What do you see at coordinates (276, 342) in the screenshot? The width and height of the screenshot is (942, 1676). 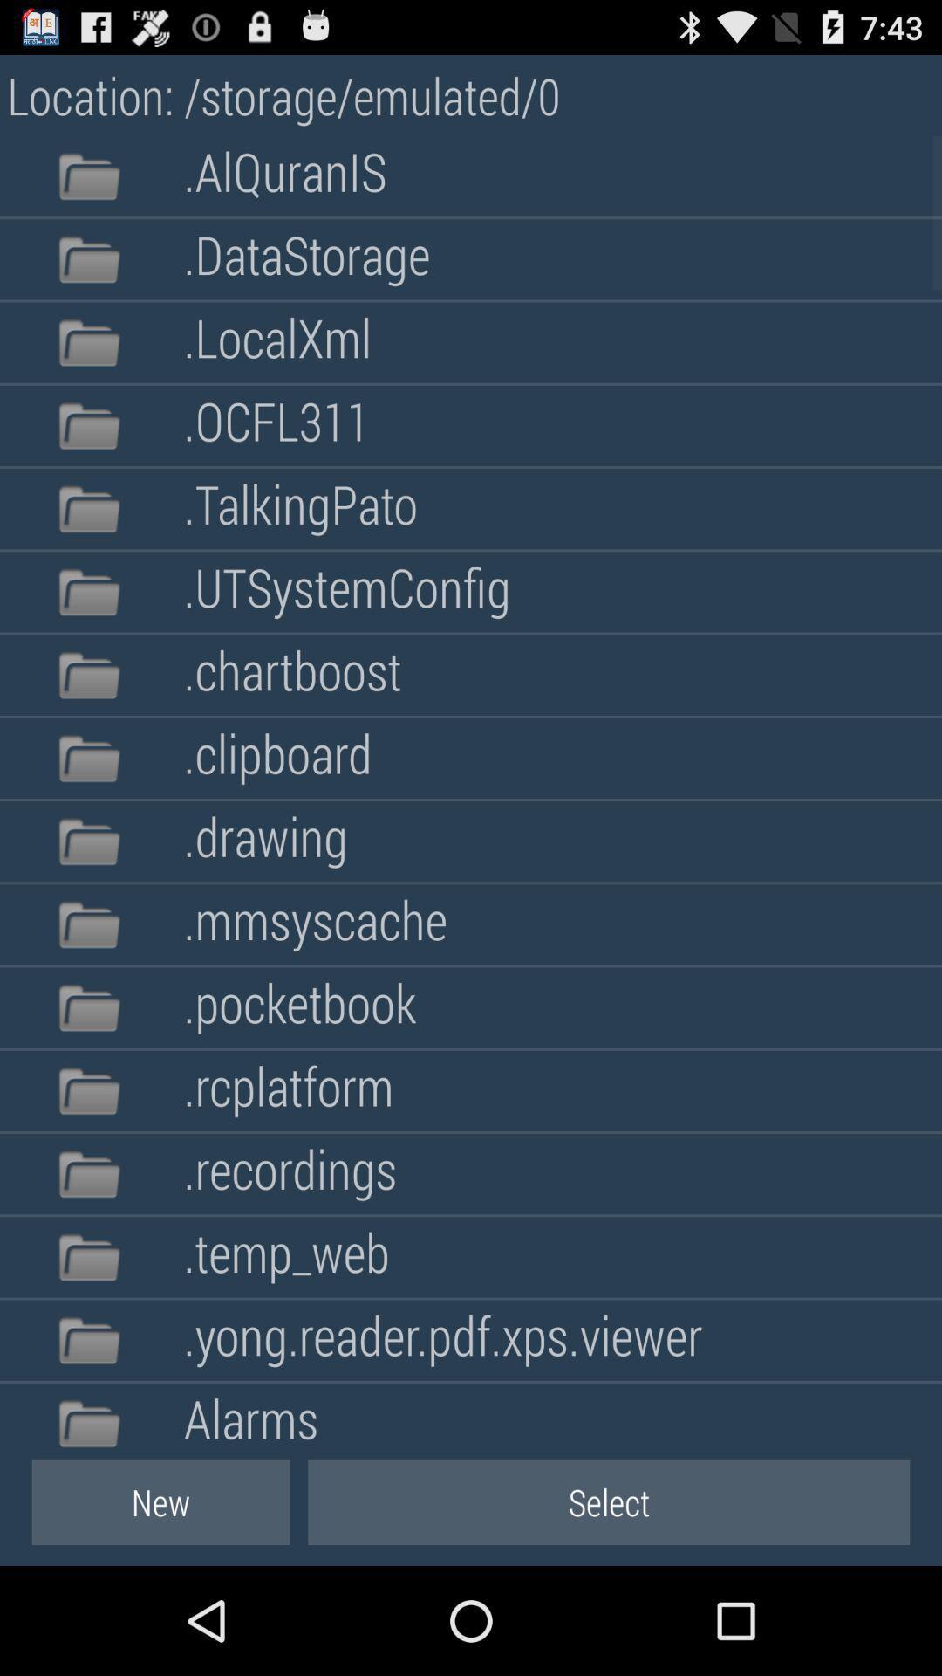 I see `the .localxml icon` at bounding box center [276, 342].